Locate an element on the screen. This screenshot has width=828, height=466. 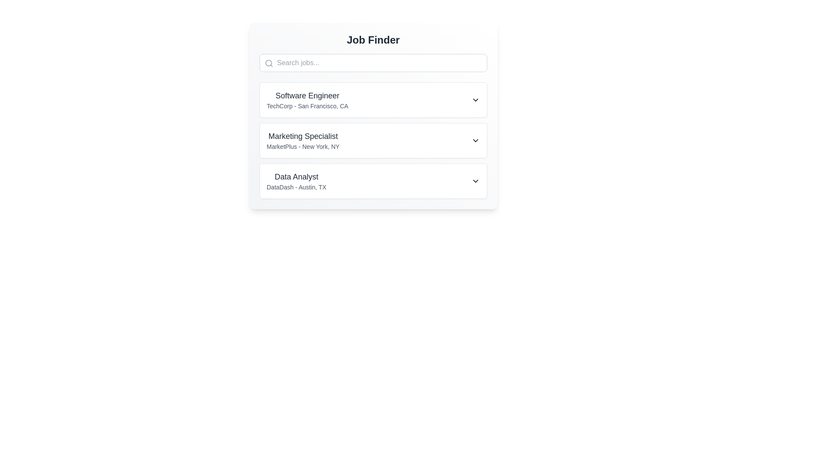
on the first job listing in the 'Job Finder' module is located at coordinates (373, 99).